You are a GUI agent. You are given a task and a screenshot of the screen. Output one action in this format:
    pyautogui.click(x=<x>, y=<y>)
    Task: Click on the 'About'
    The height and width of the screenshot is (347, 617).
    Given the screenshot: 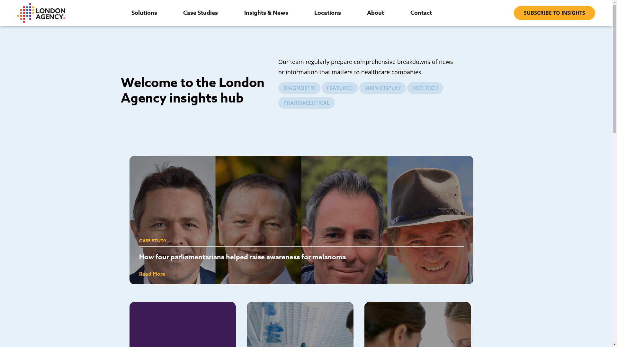 What is the action you would take?
    pyautogui.click(x=375, y=13)
    